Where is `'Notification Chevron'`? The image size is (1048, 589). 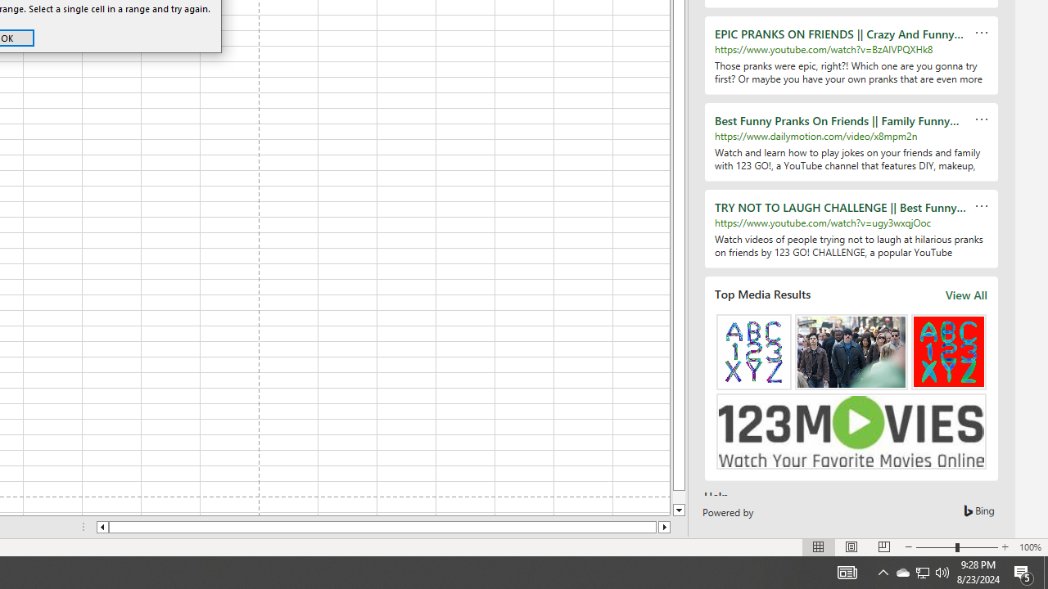 'Notification Chevron' is located at coordinates (883, 571).